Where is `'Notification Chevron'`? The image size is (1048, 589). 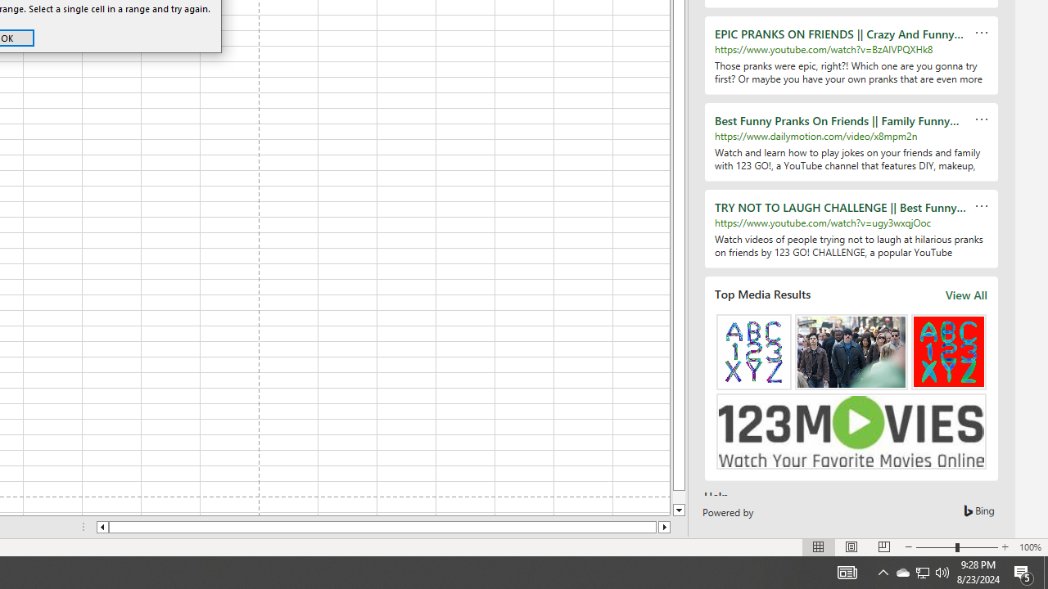 'Notification Chevron' is located at coordinates (883, 571).